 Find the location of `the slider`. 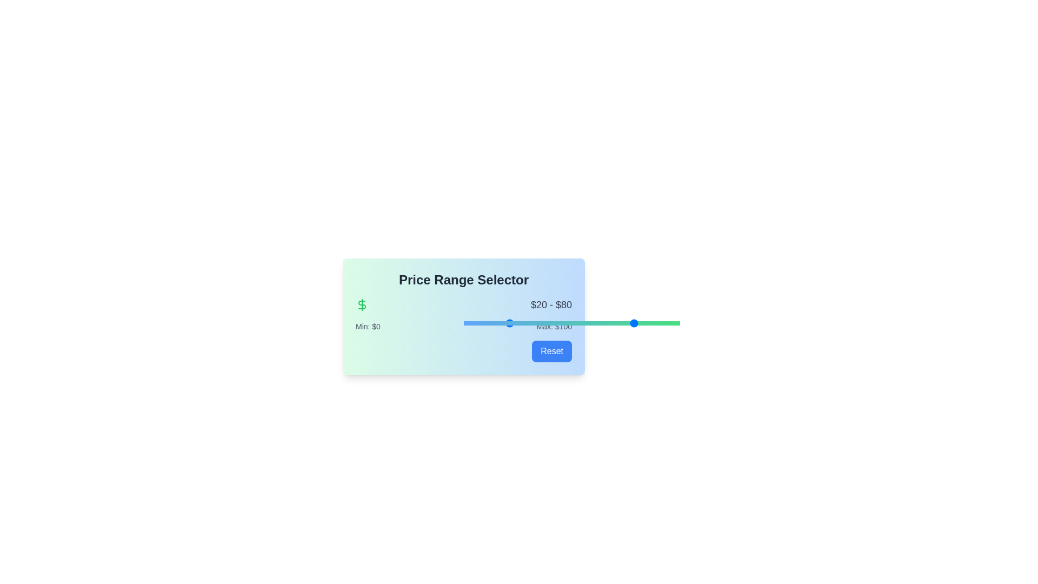

the slider is located at coordinates (542, 322).